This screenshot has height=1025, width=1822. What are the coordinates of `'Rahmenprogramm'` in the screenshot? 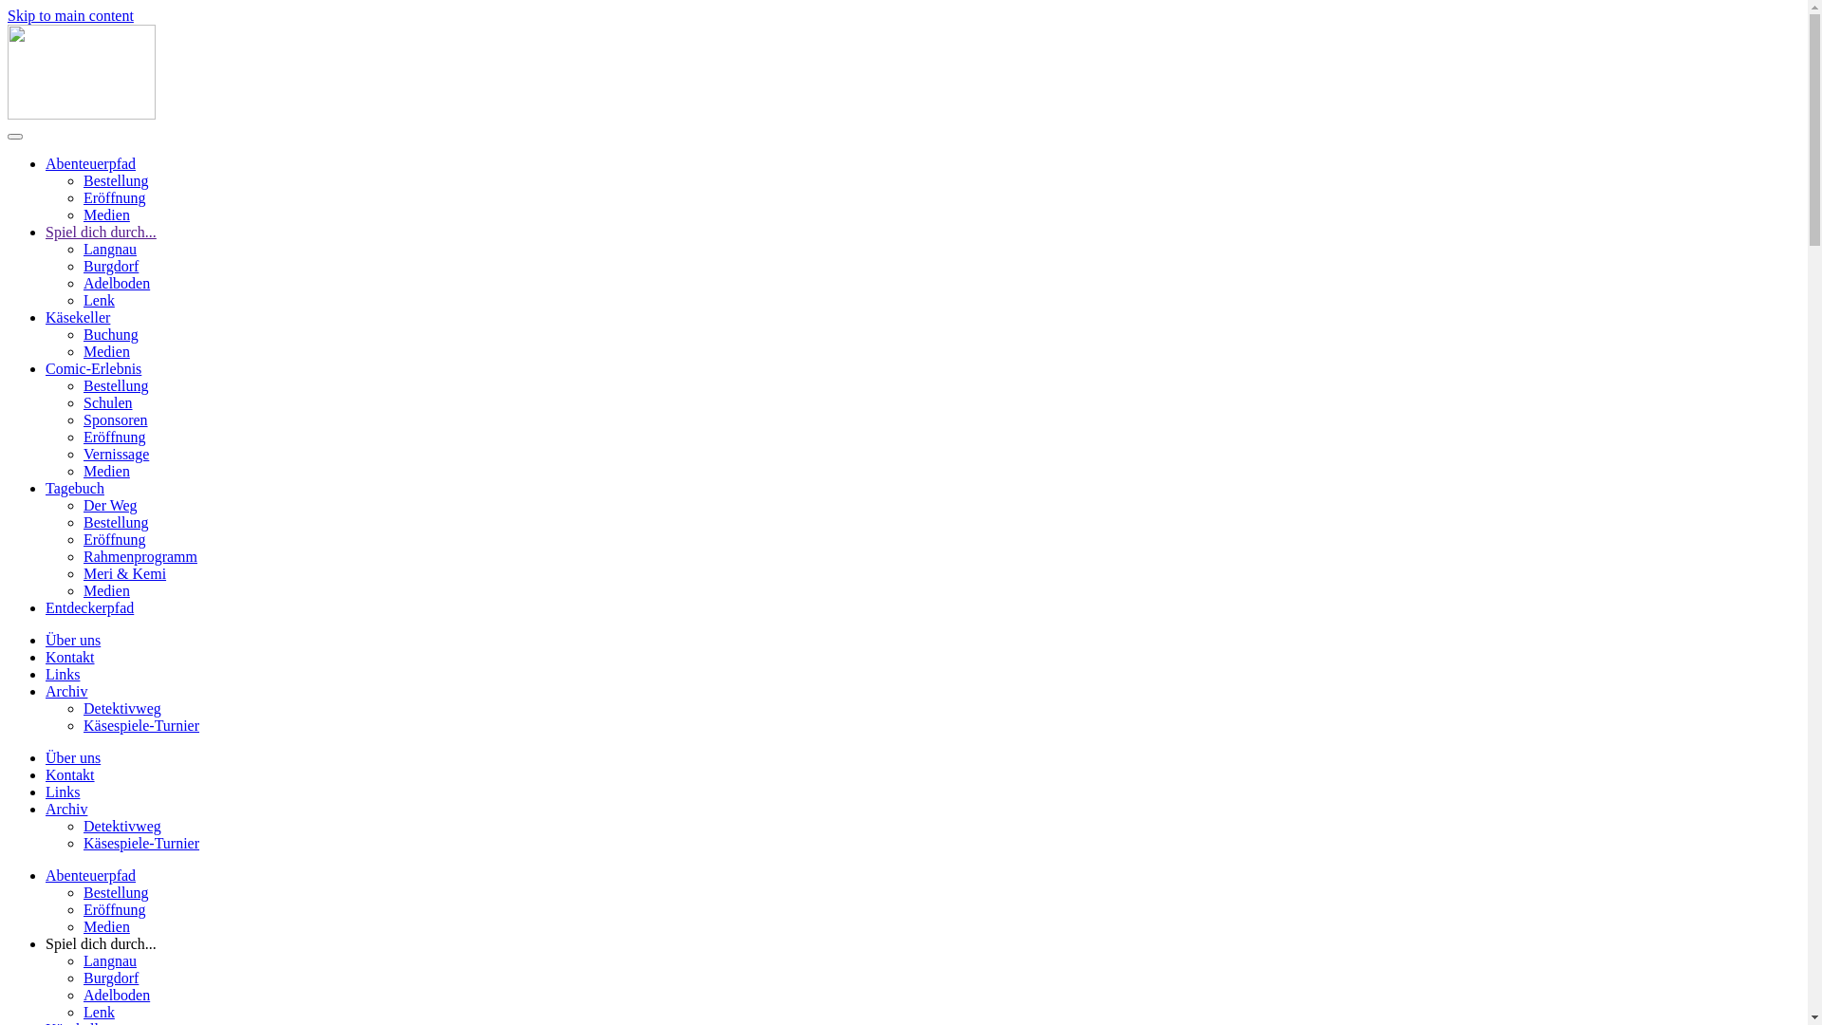 It's located at (139, 555).